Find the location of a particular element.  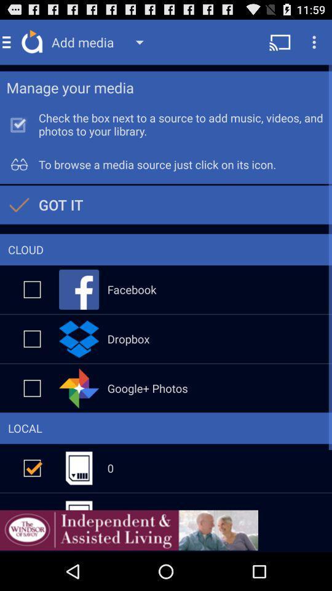

mark is located at coordinates (32, 289).